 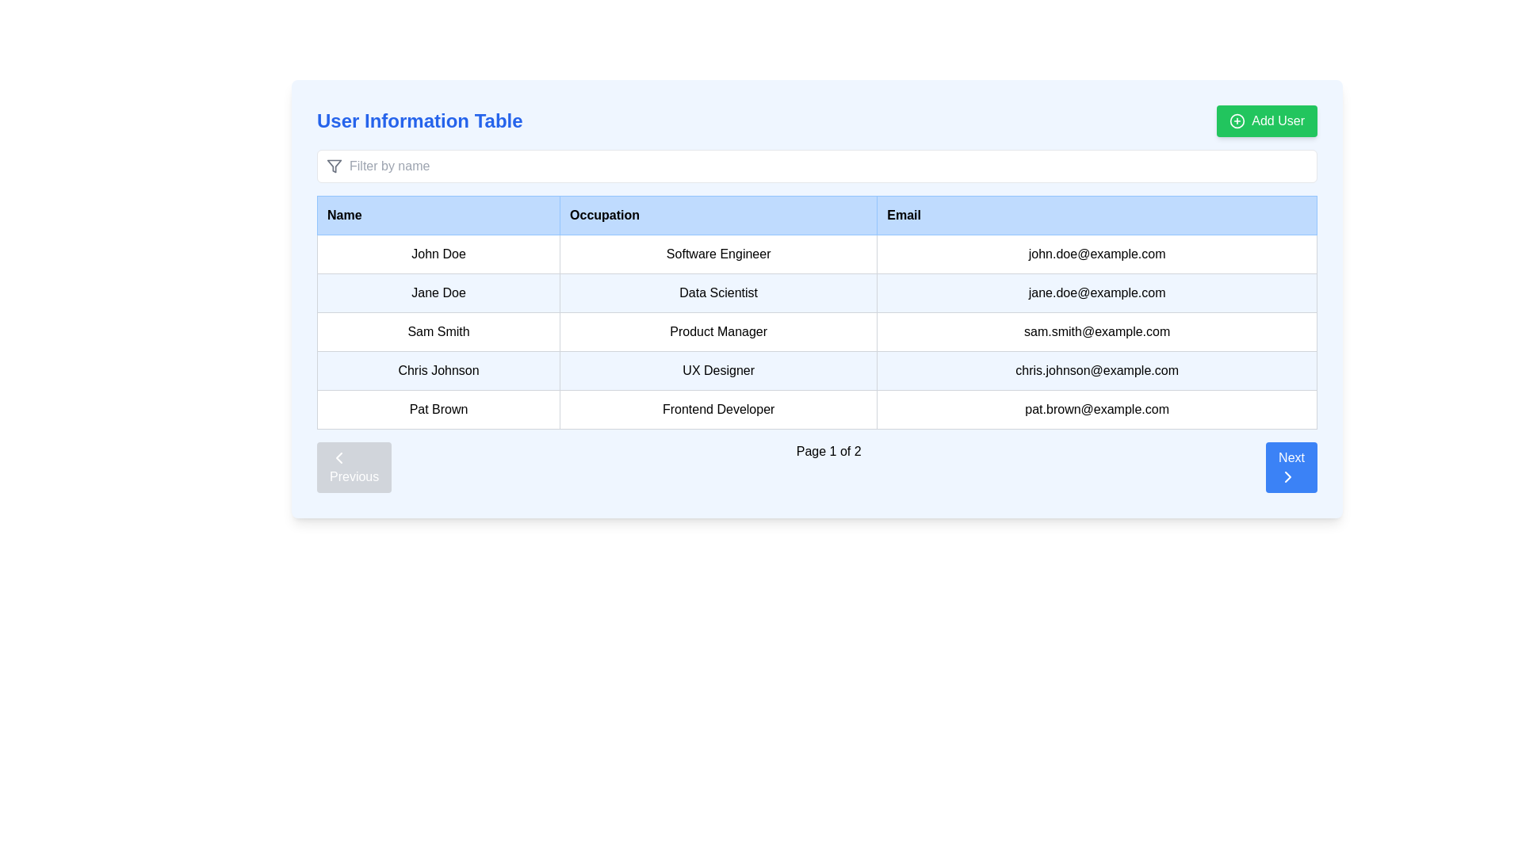 I want to click on the text label displaying 'Data Scientist' located in the second row of the table under the 'Occupation' column, which is aligned horizontally with 'Jane Doe' and 'jane.doe@example.com', so click(x=717, y=293).